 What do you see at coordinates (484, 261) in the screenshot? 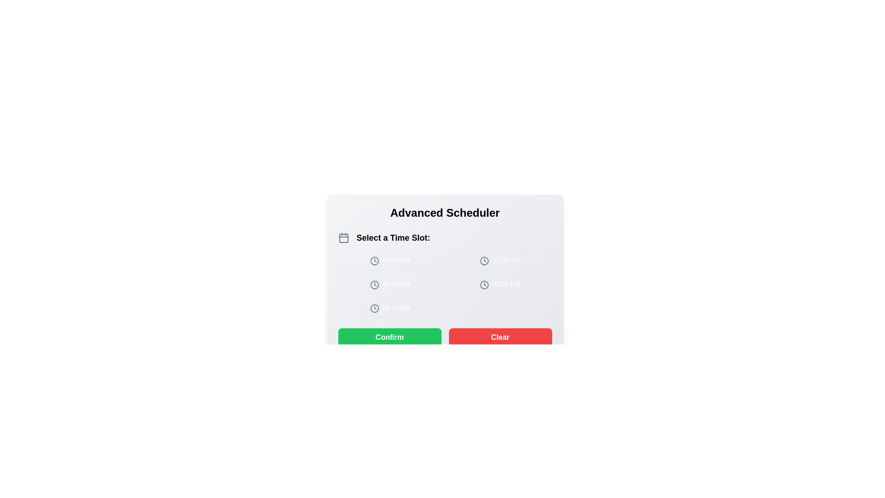
I see `the circular icon that indicates the time configuration associated with the '11:00 AM' time slot in the second column of the first row` at bounding box center [484, 261].